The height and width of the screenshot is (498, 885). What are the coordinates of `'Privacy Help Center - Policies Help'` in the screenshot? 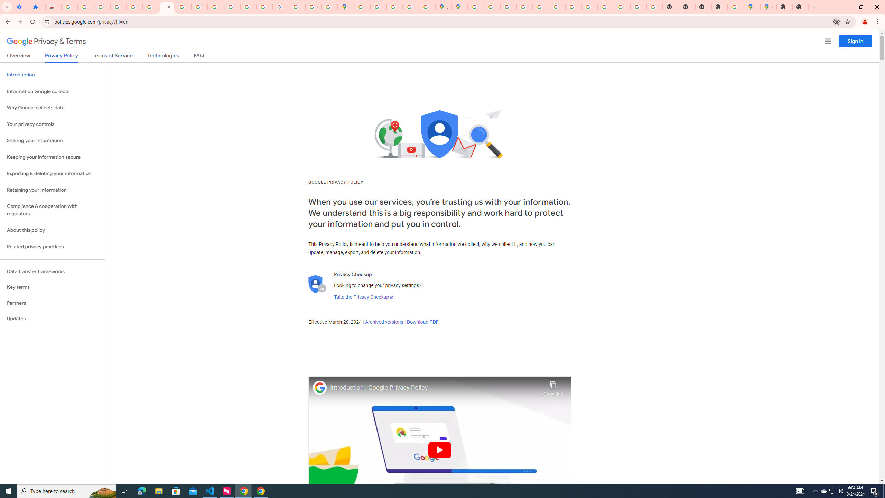 It's located at (524, 7).